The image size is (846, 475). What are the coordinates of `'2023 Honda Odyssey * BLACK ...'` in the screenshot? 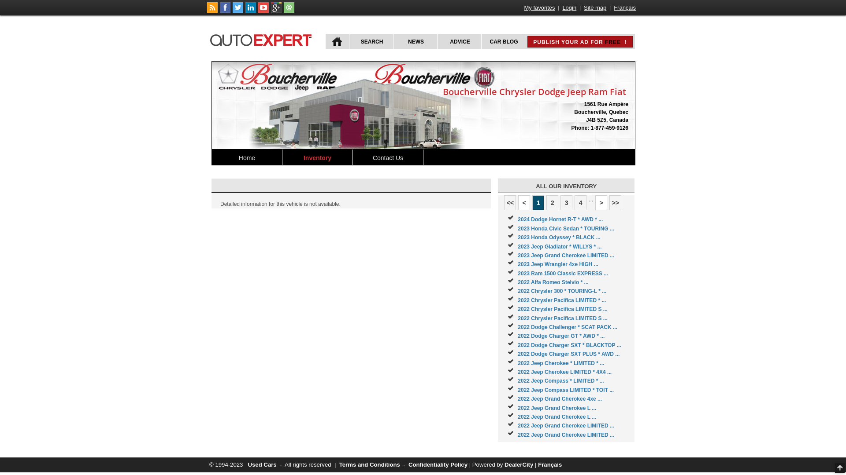 It's located at (558, 237).